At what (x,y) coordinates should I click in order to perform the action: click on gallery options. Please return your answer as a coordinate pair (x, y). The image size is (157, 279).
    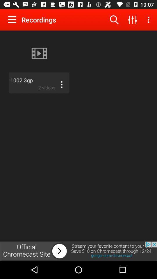
    Looking at the image, I should click on (13, 19).